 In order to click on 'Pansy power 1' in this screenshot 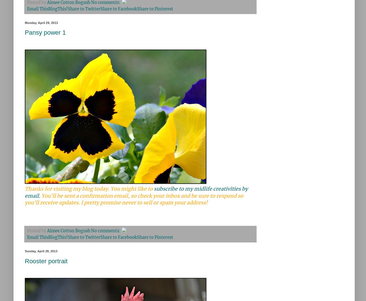, I will do `click(45, 32)`.